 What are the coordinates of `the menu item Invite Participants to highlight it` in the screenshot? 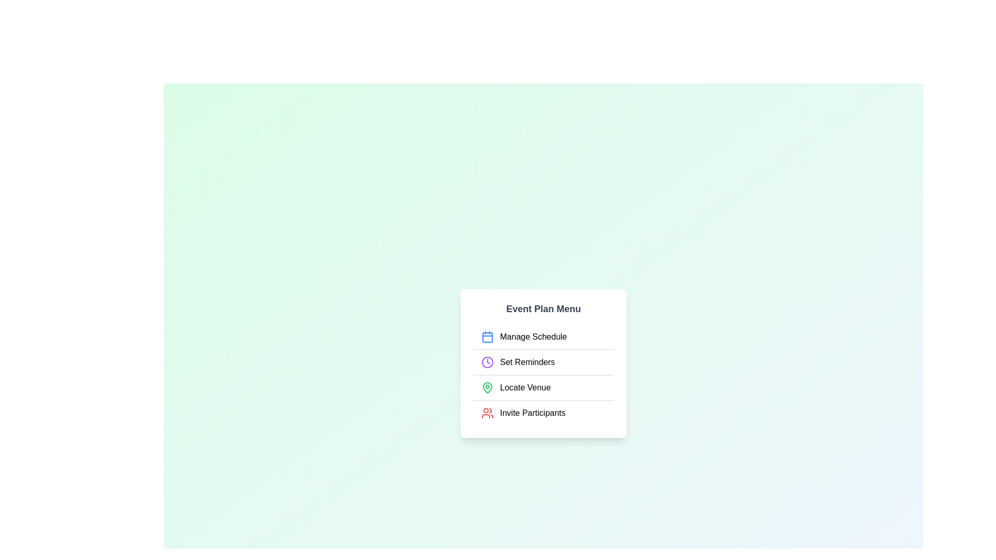 It's located at (543, 412).